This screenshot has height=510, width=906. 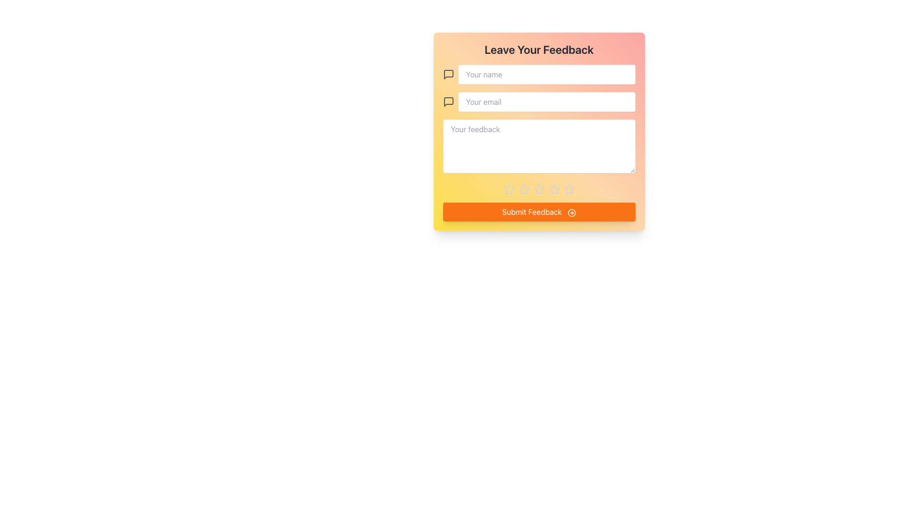 I want to click on the Email input box in the feedback form, so click(x=539, y=102).